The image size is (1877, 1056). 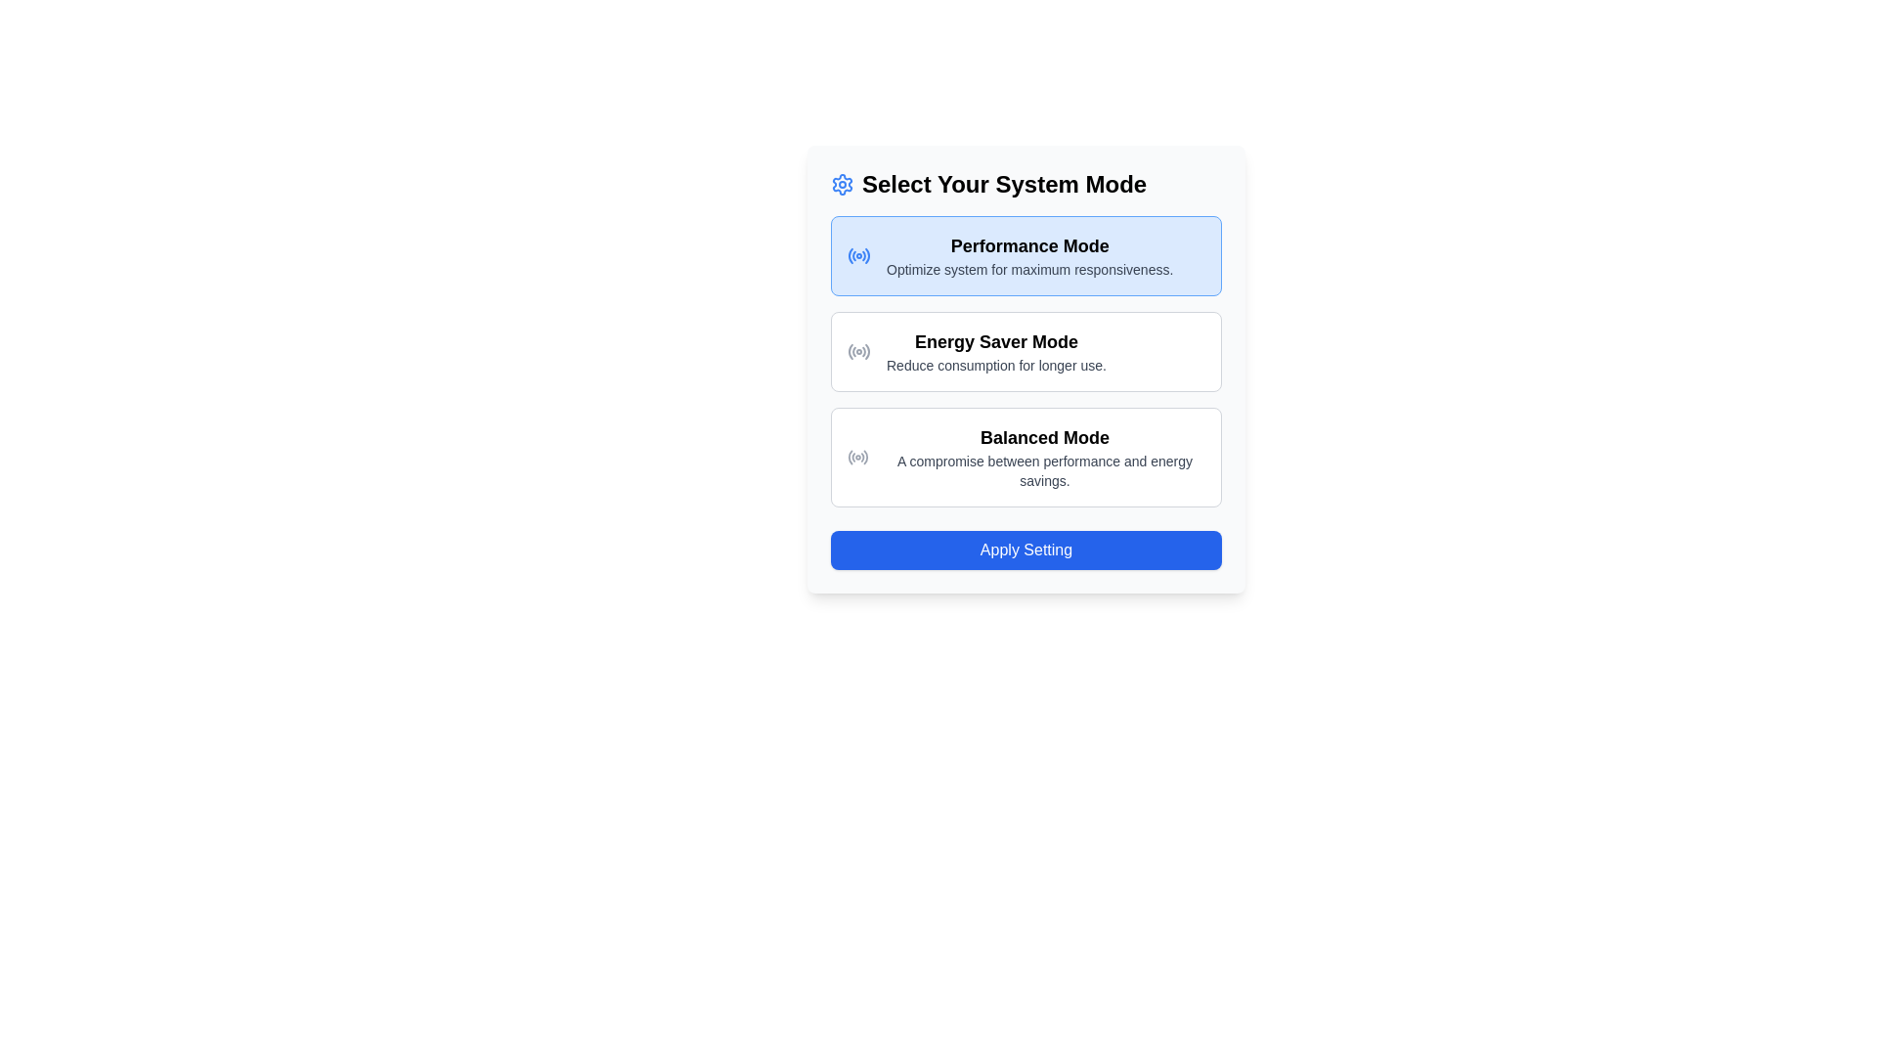 I want to click on the 'Performance Mode' button, which is the topmost option in the list of system mode options, featuring a light blue background and bold black text, so click(x=1026, y=255).